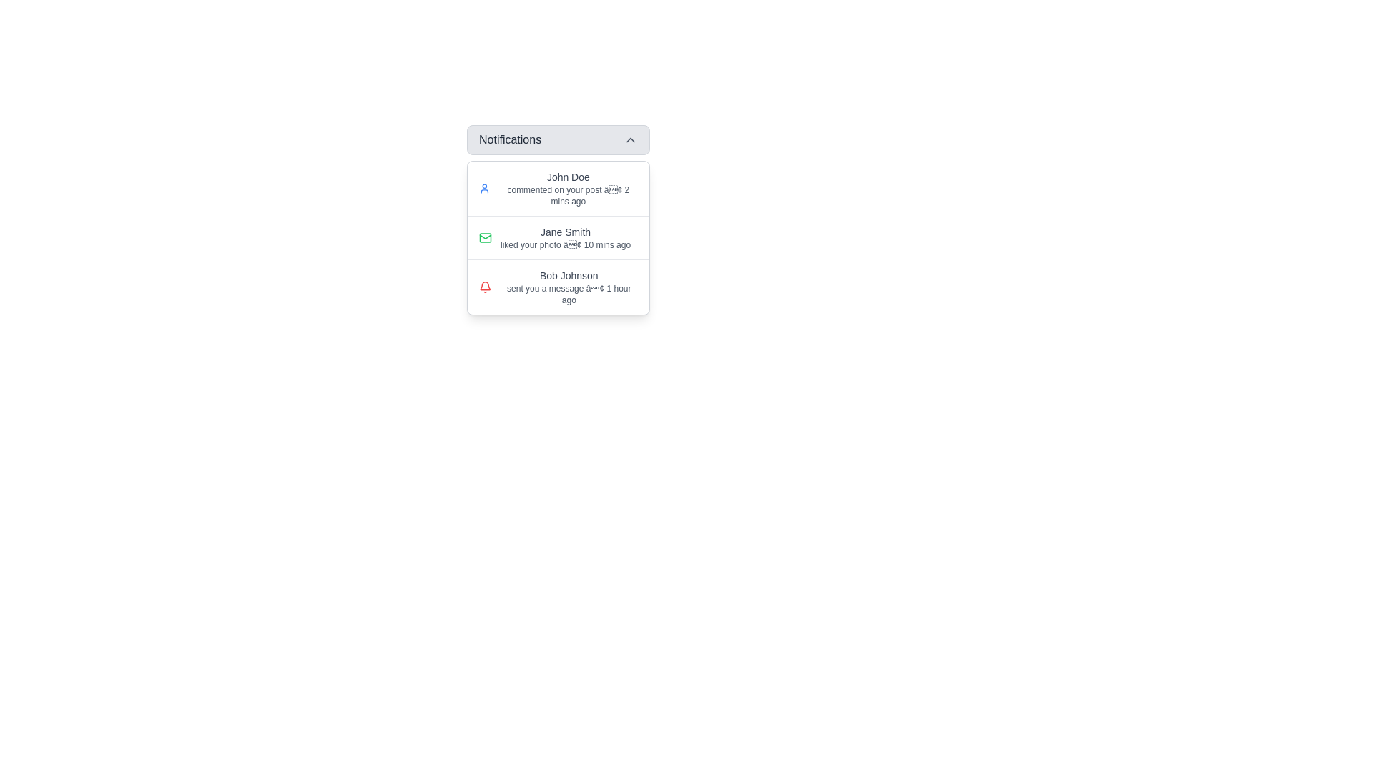 This screenshot has height=772, width=1373. Describe the element at coordinates (565, 231) in the screenshot. I see `the text displaying the name of the person associated with the notification, which is positioned at the start of the message 'liked your photo • 10 mins ago' in the second notification slot` at that location.